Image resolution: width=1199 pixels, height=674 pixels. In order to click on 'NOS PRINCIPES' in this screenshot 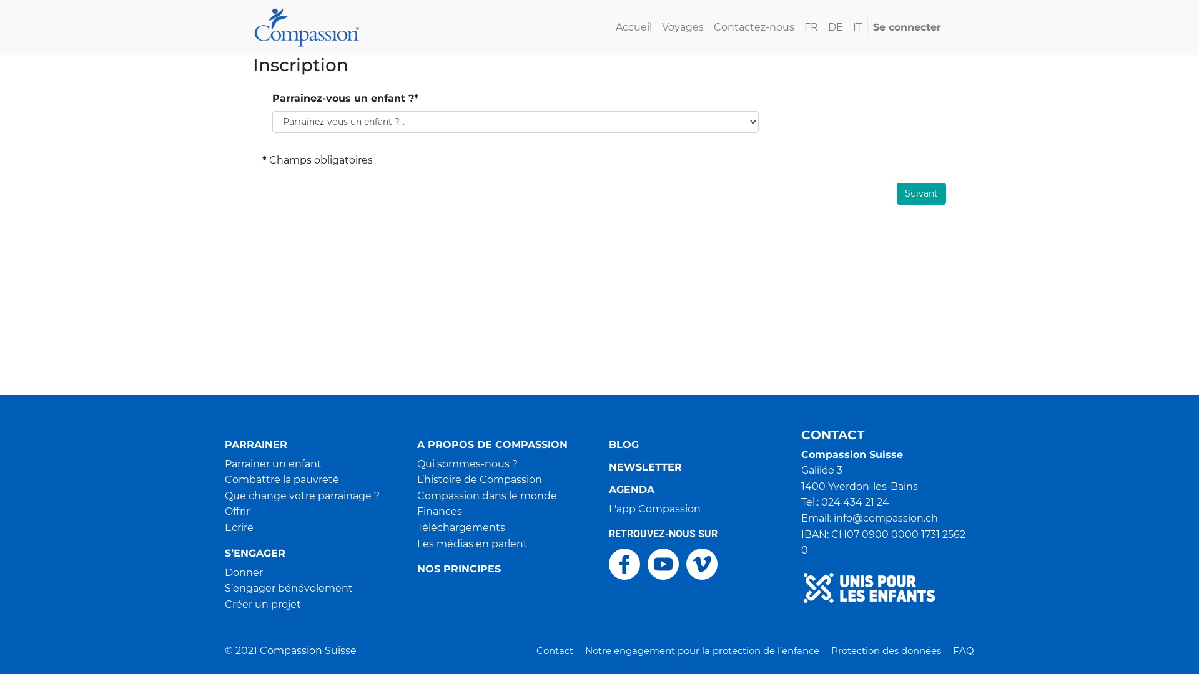, I will do `click(503, 569)`.